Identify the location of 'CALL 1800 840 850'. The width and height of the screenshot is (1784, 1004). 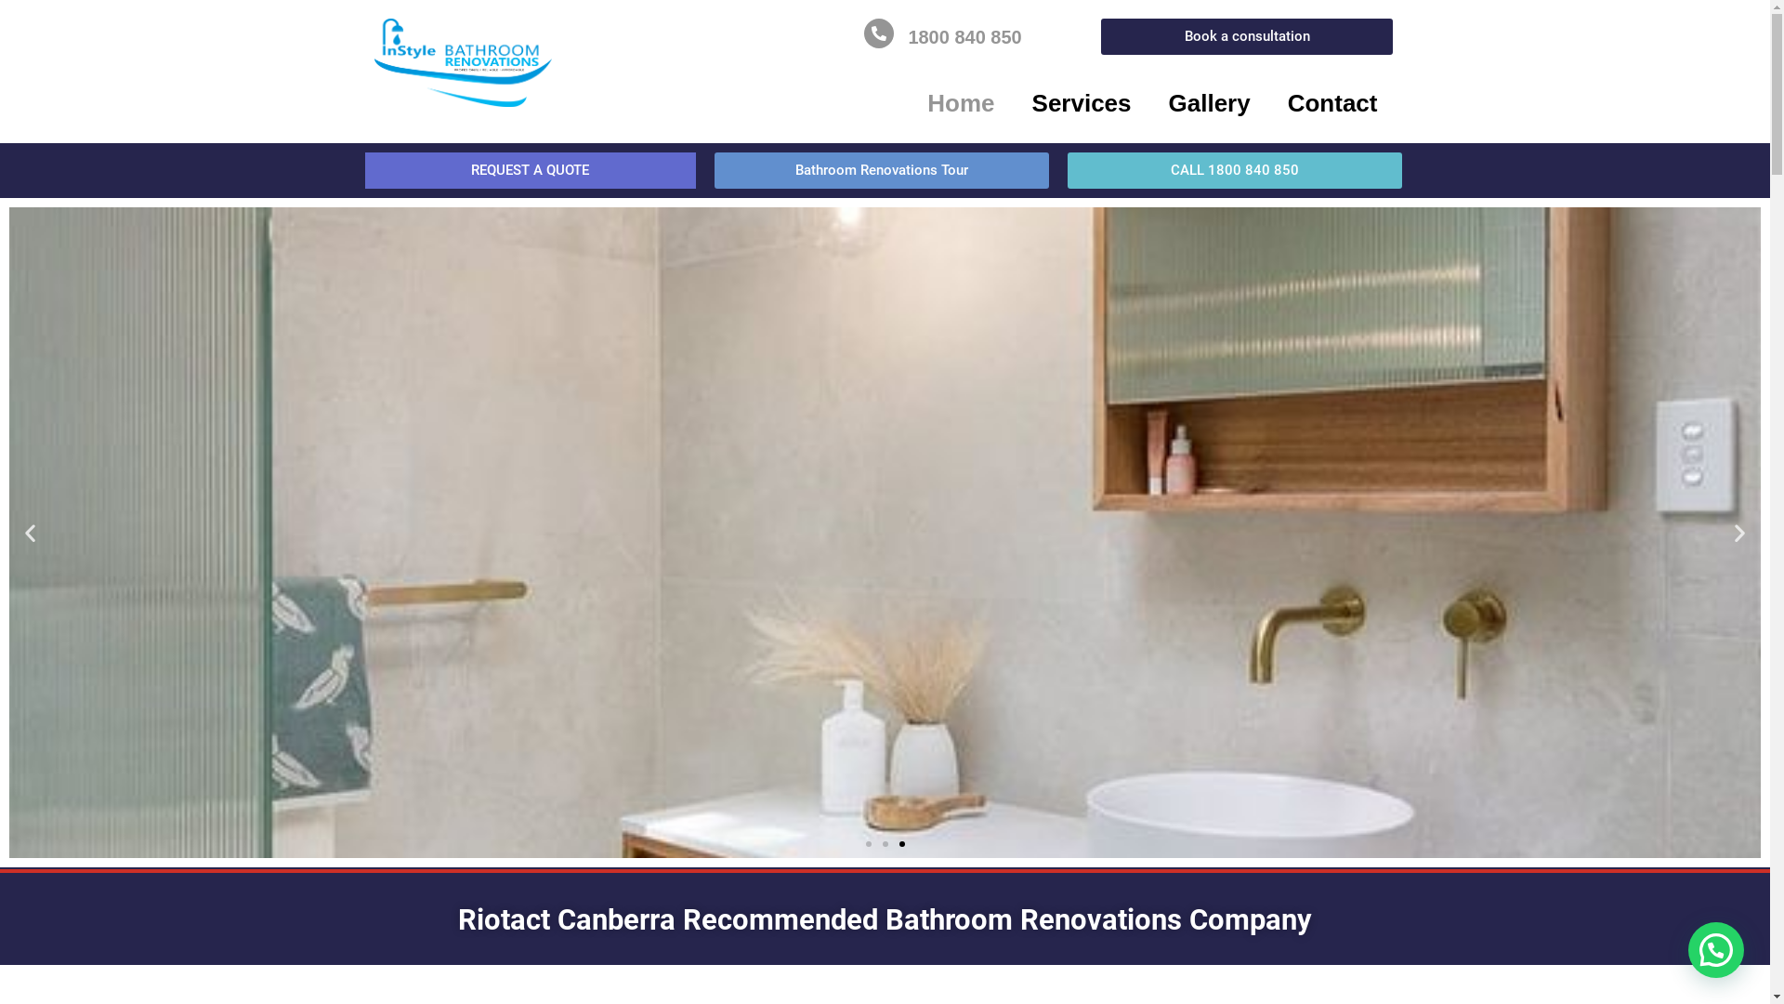
(1235, 170).